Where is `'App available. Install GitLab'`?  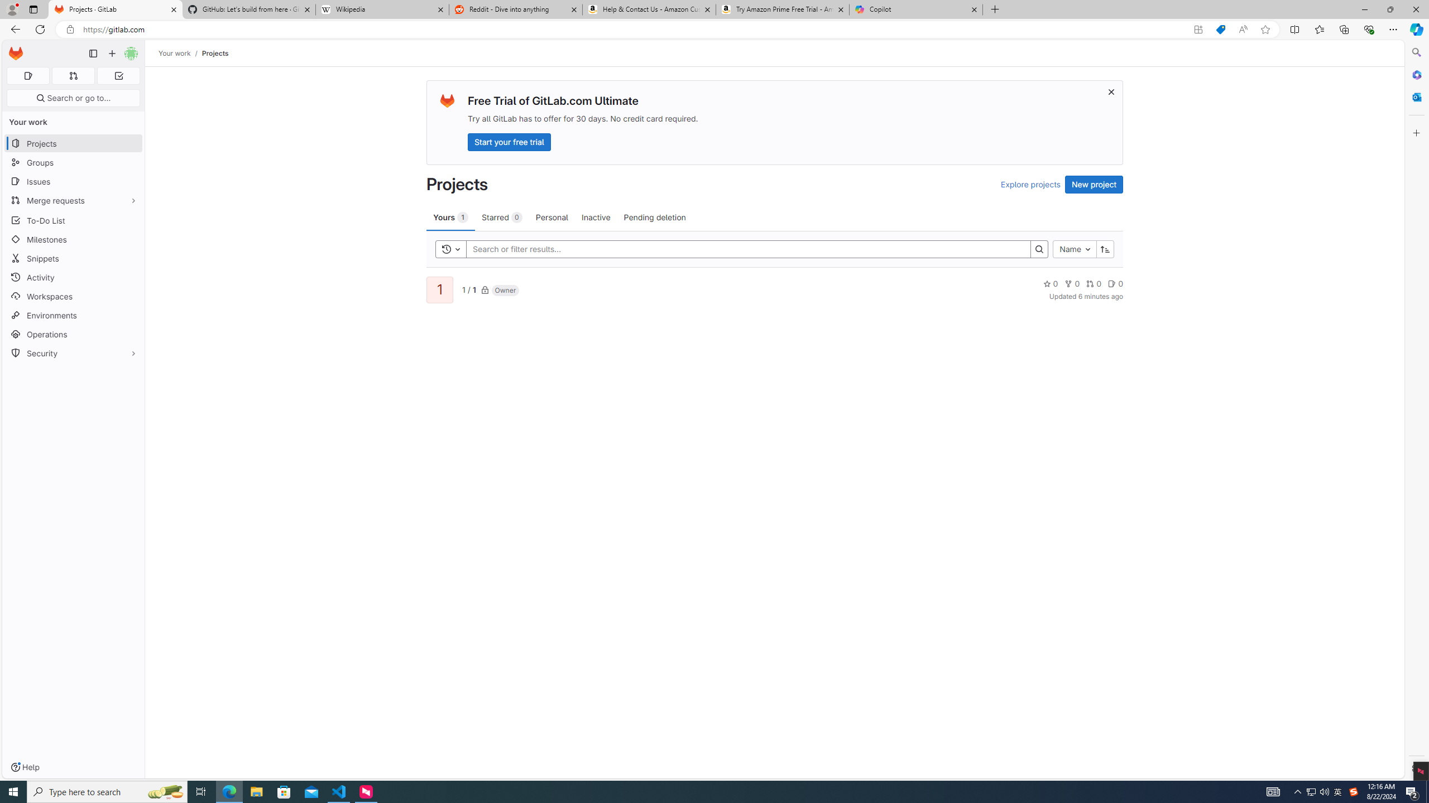
'App available. Install GitLab' is located at coordinates (1197, 30).